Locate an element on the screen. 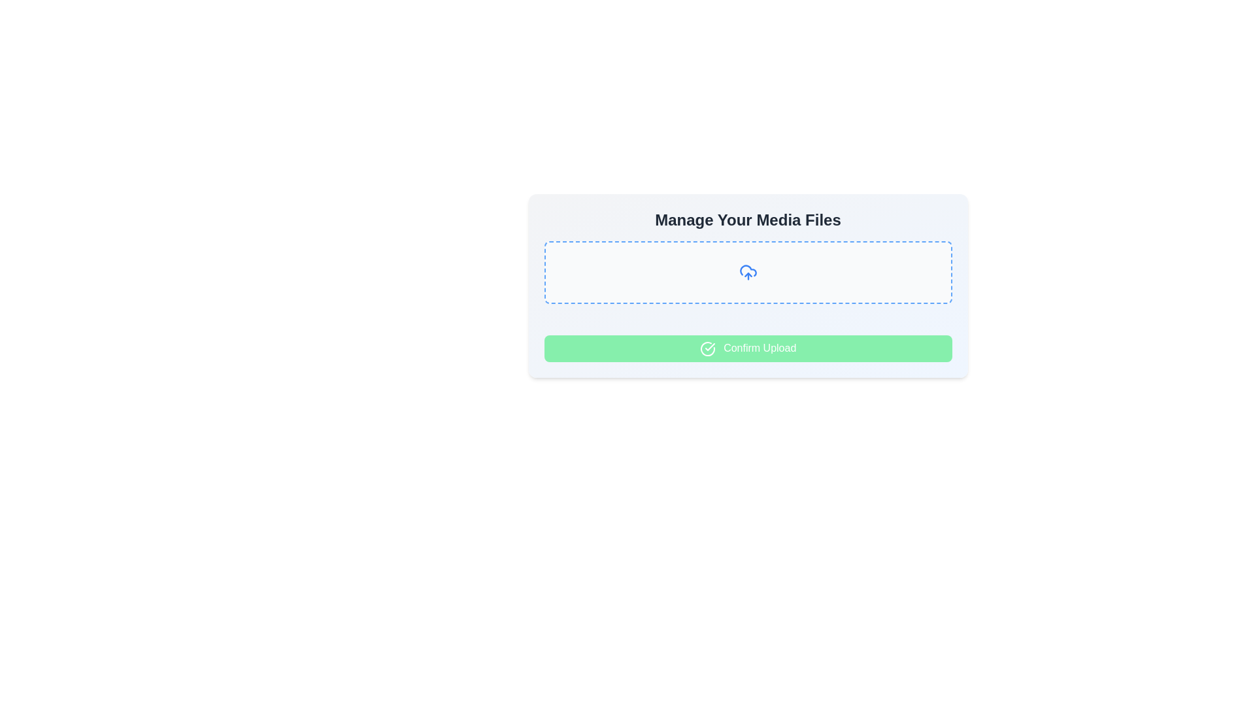  and drop files into the File upload drop area, which is a rectangular area with dashed borders and a central upload icon, located beneath 'Manage Your Media Files' and above the 'Confirm Upload' button is located at coordinates (748, 271).